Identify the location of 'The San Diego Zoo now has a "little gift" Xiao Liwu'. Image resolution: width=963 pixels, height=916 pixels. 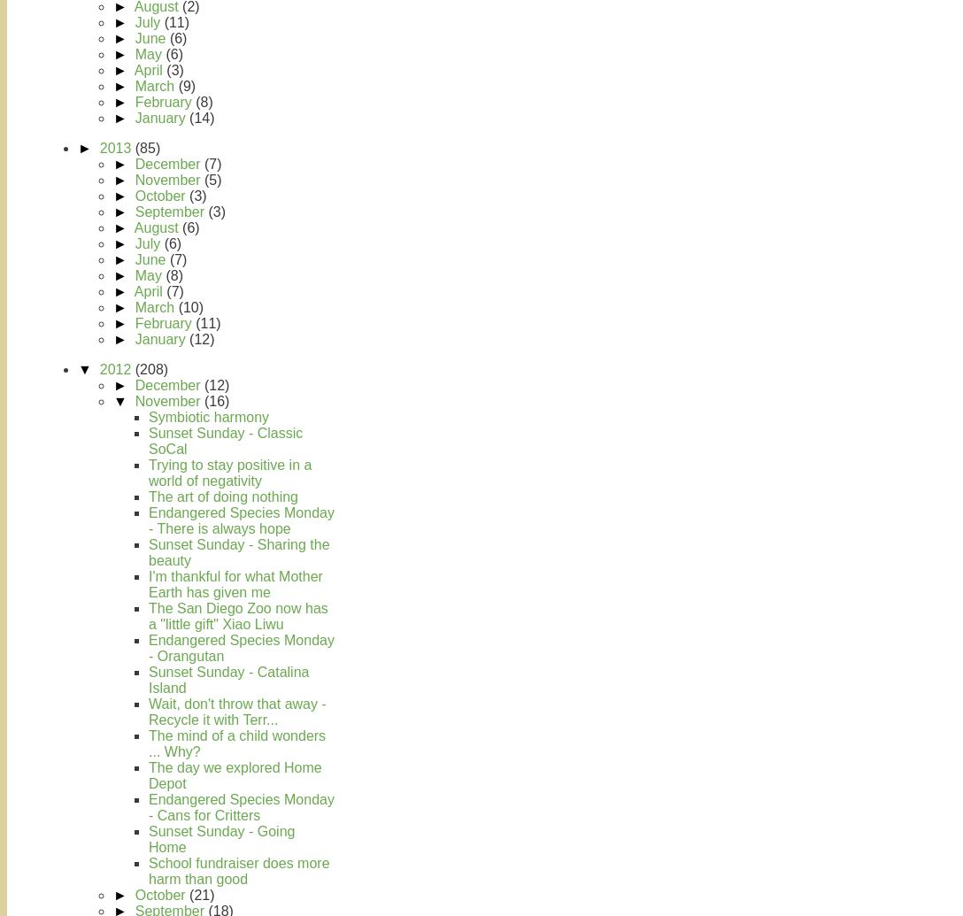
(236, 615).